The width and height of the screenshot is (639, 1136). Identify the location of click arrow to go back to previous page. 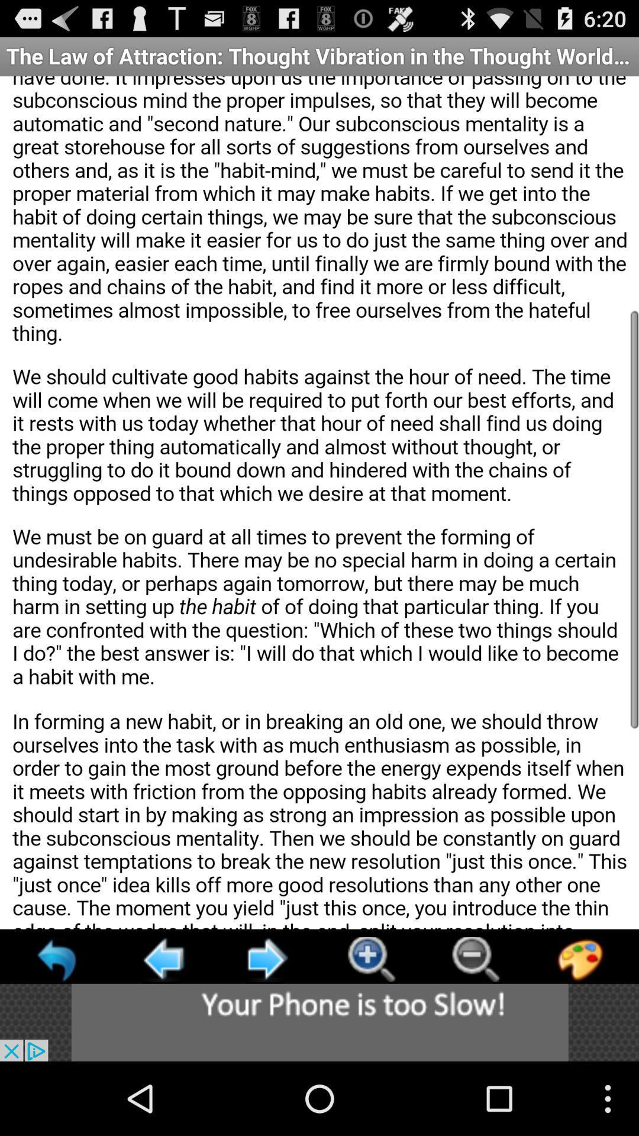
(162, 959).